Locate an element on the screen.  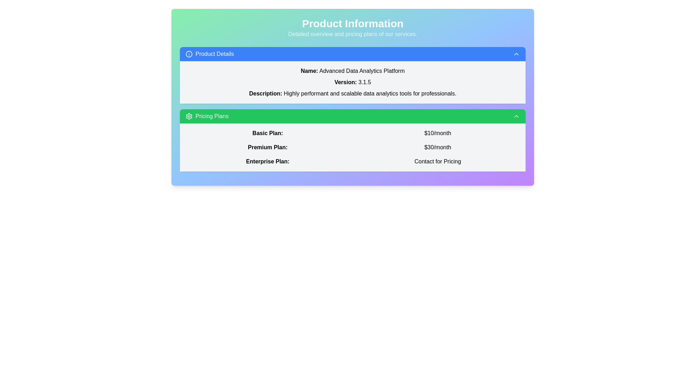
the static text label displaying 'Enterprise Plan:' in bold black font, located in the third row of the 'Pricing Plans' section is located at coordinates (267, 161).